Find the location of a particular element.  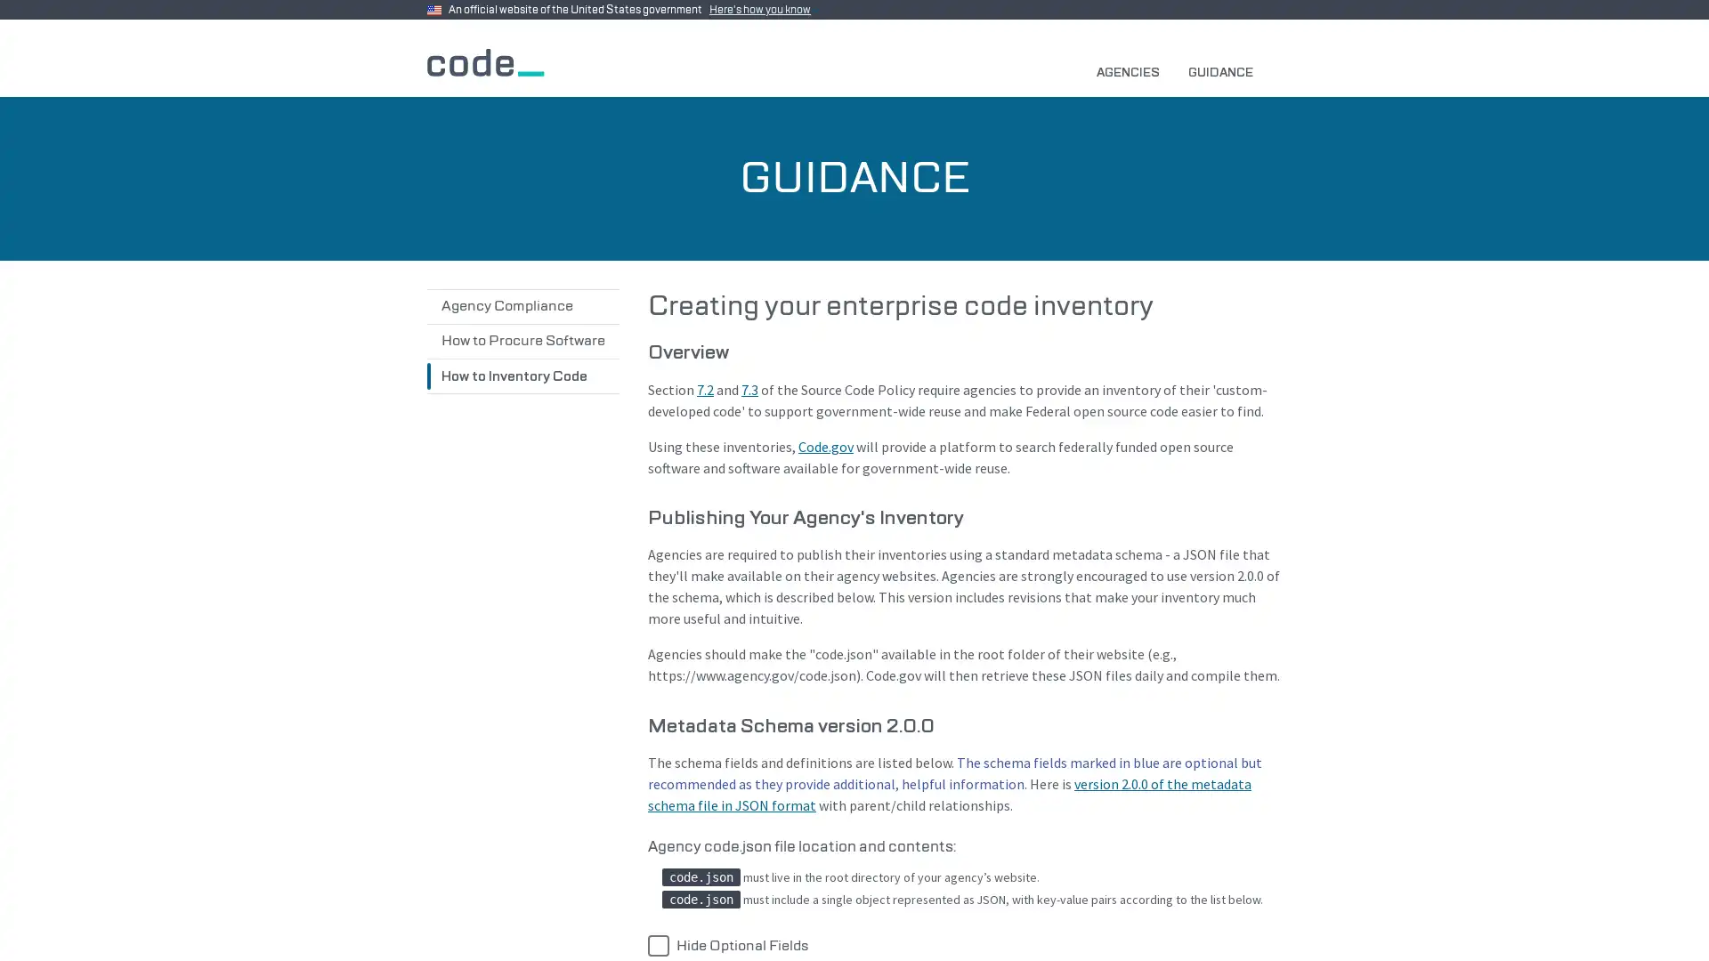

GUIDANCE is located at coordinates (1227, 71).